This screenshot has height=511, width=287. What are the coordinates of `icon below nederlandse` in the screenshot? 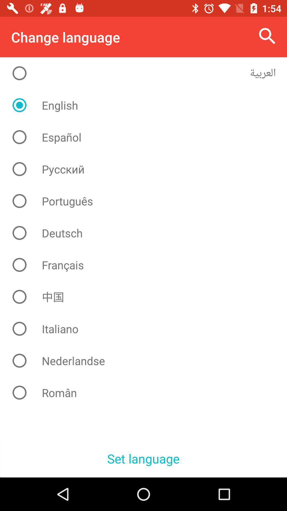 It's located at (147, 393).